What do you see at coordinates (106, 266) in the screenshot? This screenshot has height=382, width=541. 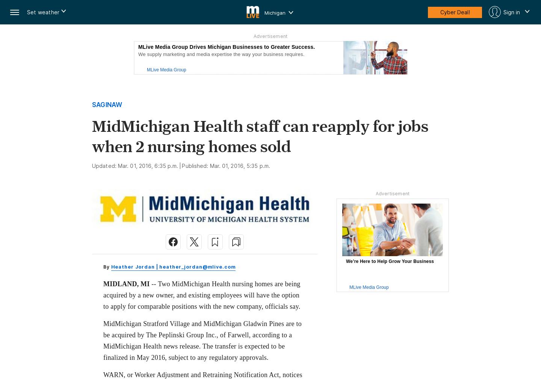 I see `'By'` at bounding box center [106, 266].